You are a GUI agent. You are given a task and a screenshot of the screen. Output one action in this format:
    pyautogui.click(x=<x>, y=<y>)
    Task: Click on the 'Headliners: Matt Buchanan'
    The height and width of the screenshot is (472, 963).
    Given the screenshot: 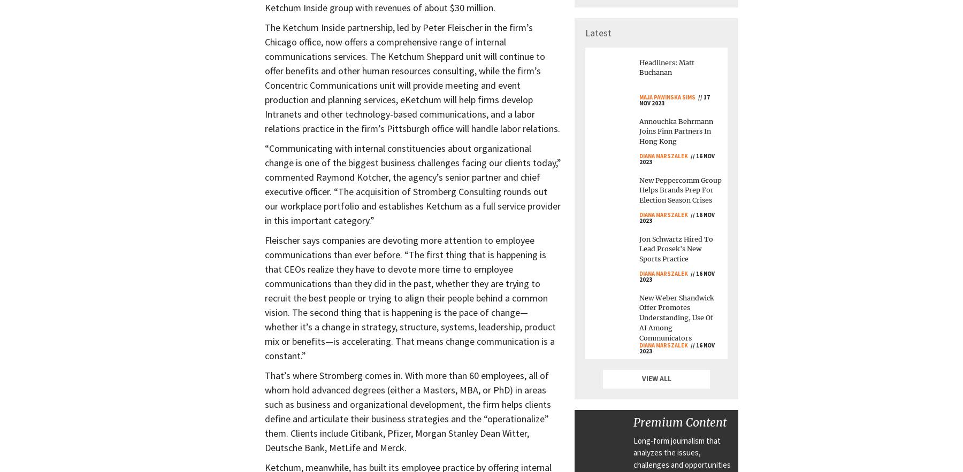 What is the action you would take?
    pyautogui.click(x=667, y=67)
    